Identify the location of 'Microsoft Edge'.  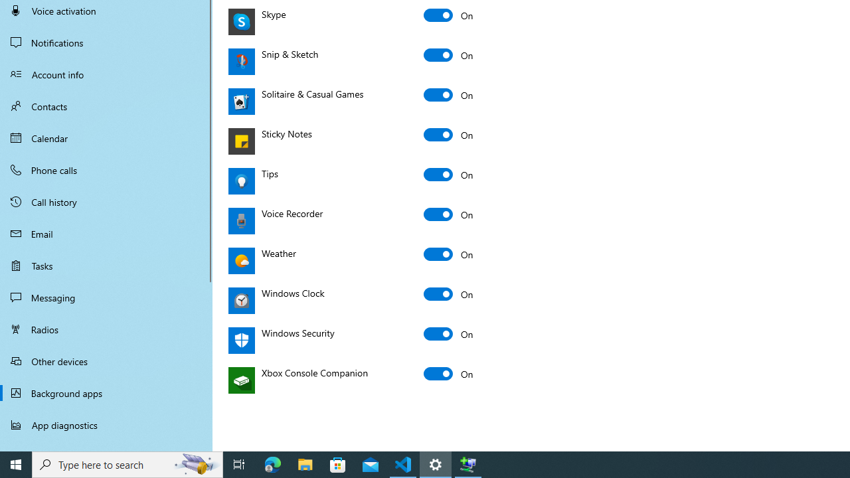
(272, 463).